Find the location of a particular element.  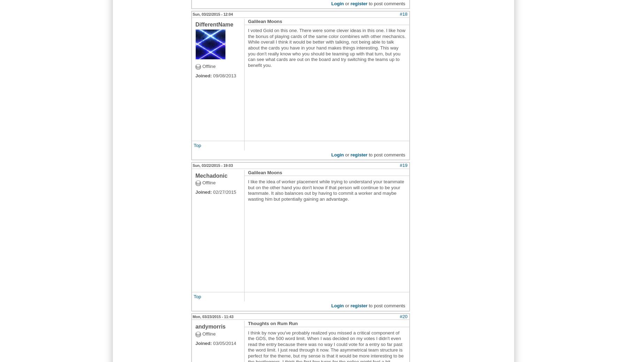

'#20' is located at coordinates (403, 316).